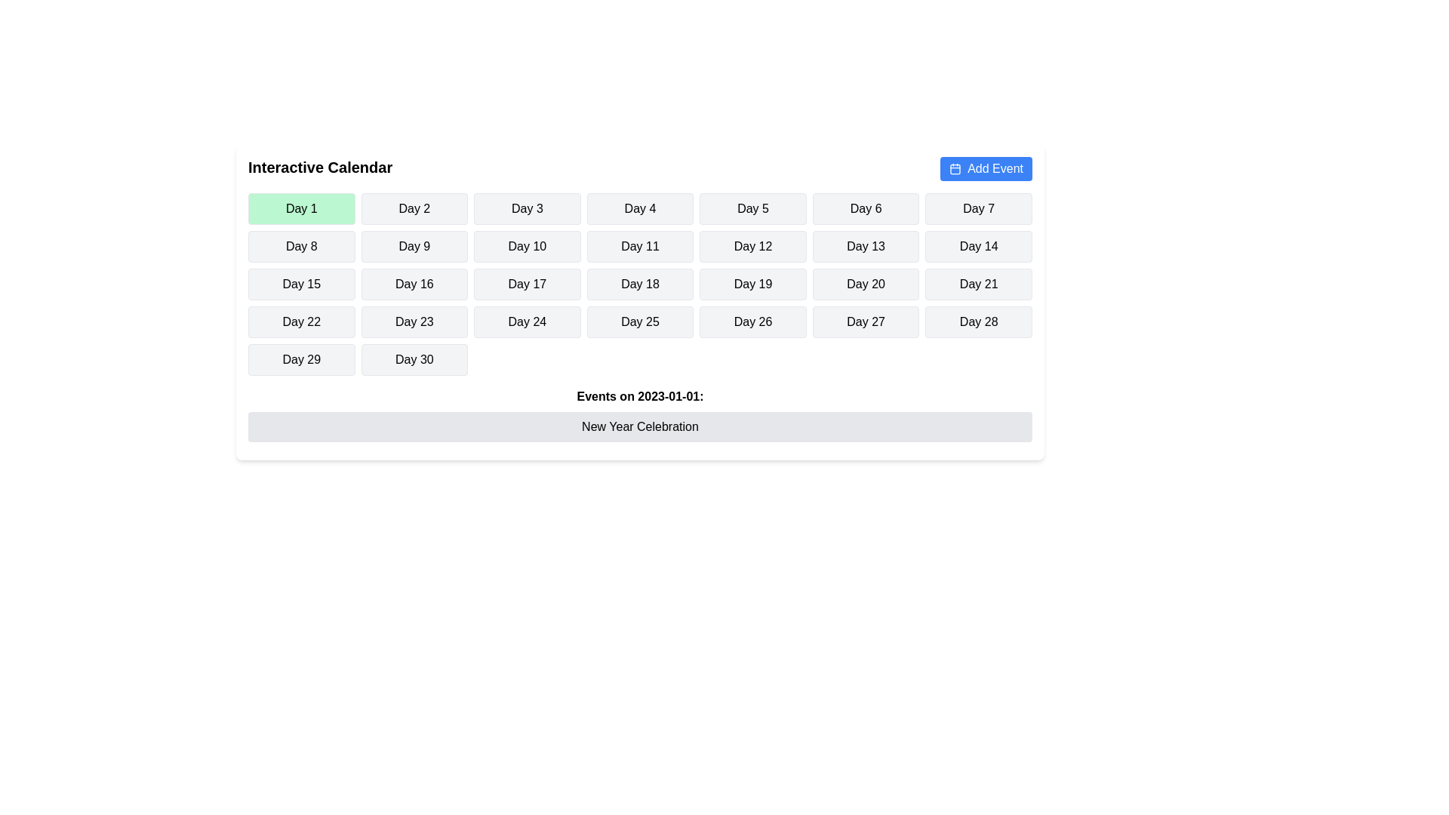 The image size is (1449, 815). Describe the element at coordinates (301, 246) in the screenshot. I see `the 'Day 8' button, which is a rectangular button with a light gray background and rounded corners, located in the second row's first column of the grid layout` at that location.